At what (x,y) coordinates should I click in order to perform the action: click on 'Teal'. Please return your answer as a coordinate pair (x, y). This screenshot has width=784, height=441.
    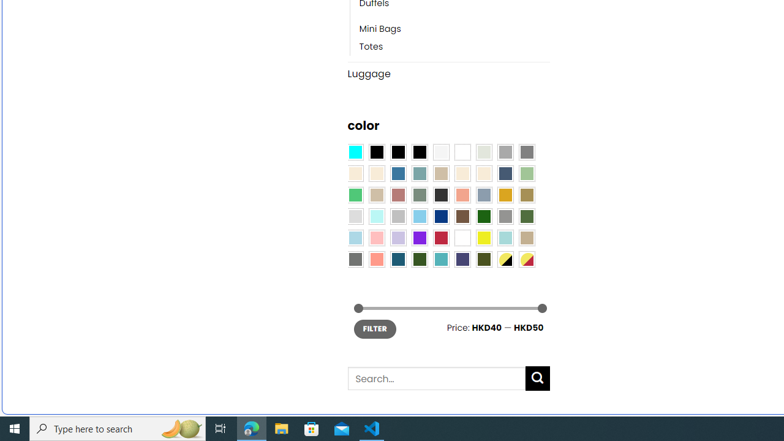
    Looking at the image, I should click on (441, 259).